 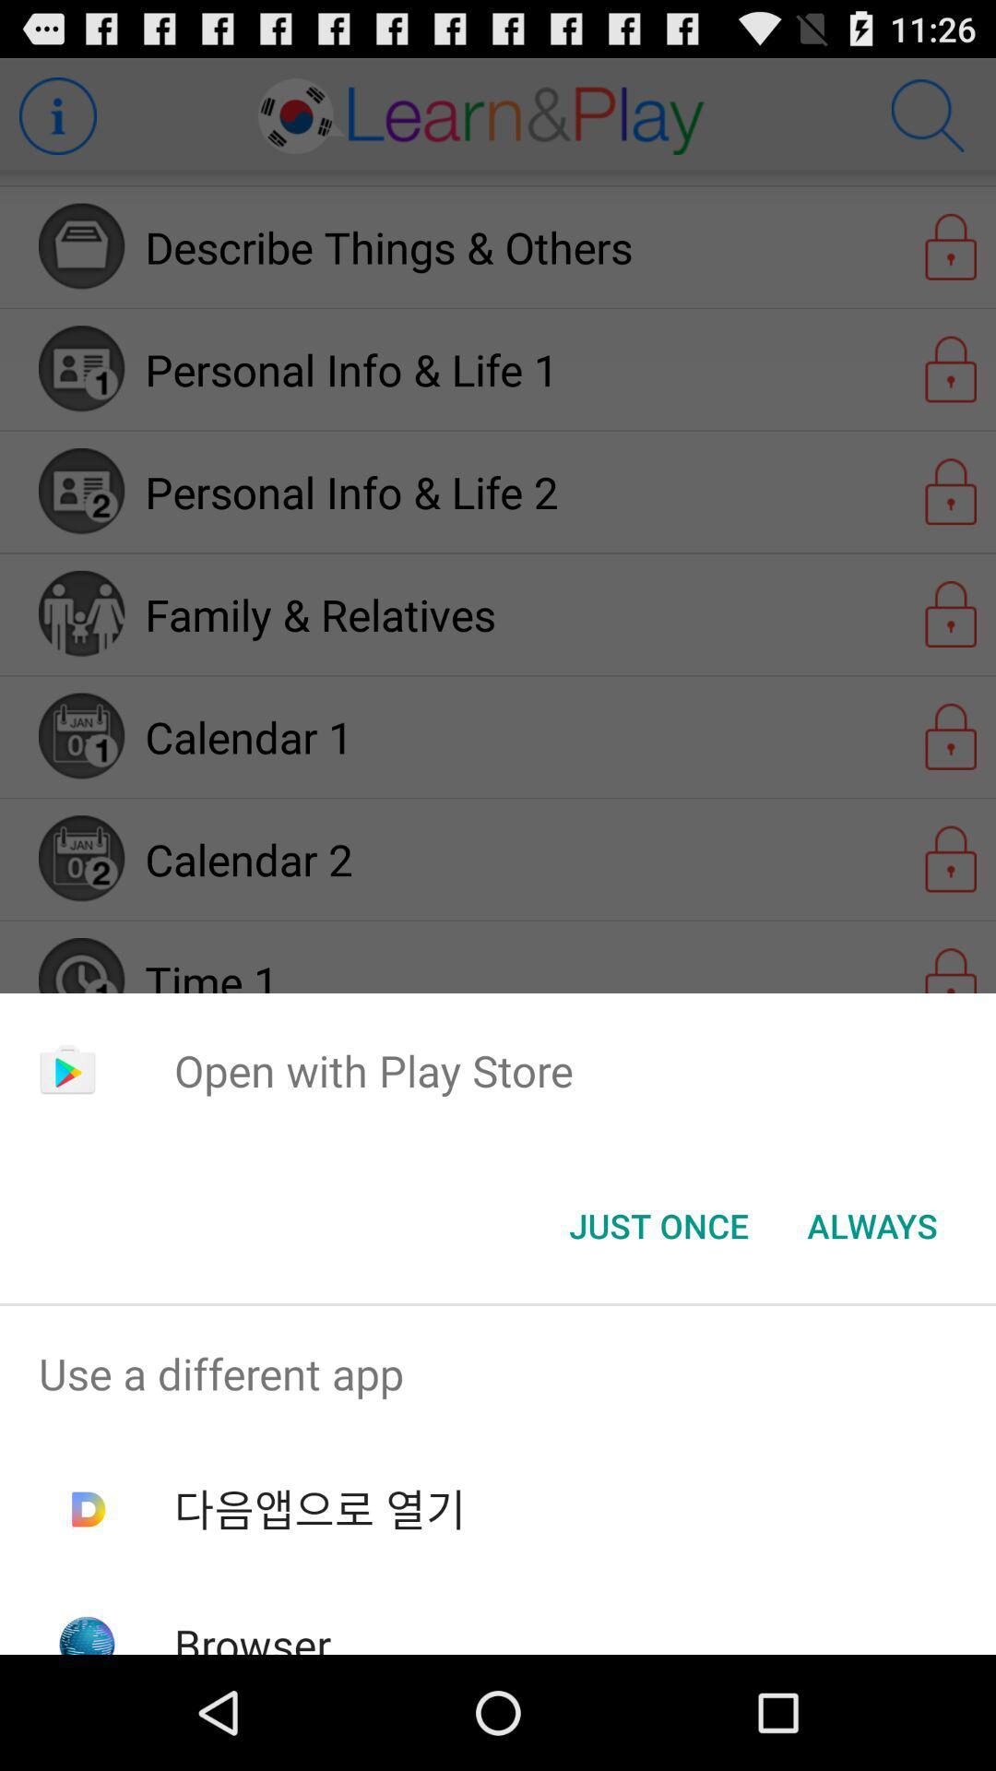 What do you see at coordinates (658, 1226) in the screenshot?
I see `the just once item` at bounding box center [658, 1226].